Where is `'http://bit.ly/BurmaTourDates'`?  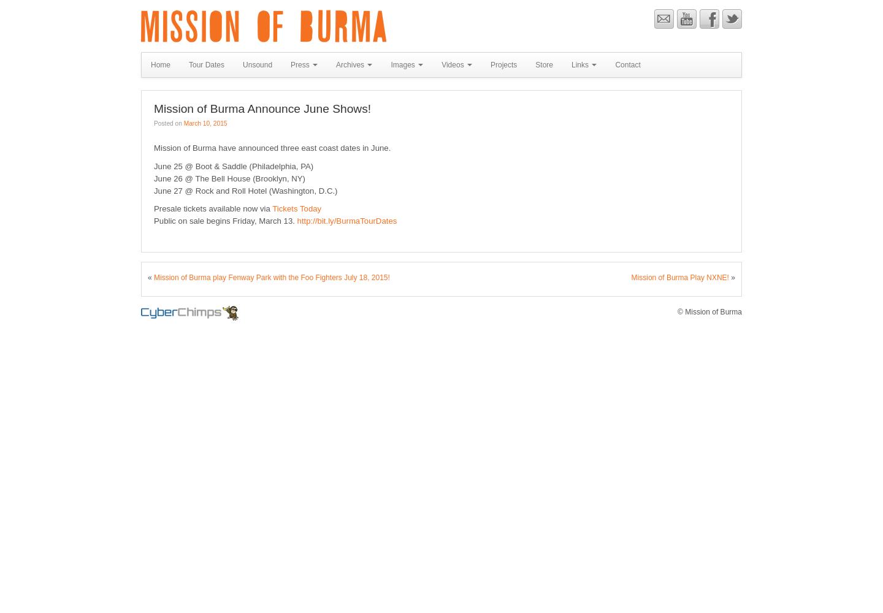 'http://bit.ly/BurmaTourDates' is located at coordinates (346, 220).